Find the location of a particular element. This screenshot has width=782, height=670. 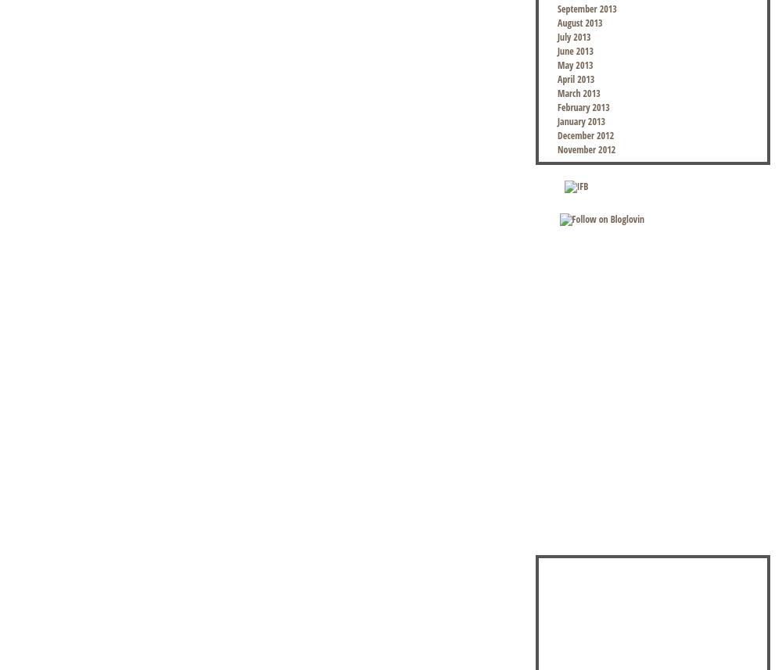

'January 2013' is located at coordinates (580, 120).